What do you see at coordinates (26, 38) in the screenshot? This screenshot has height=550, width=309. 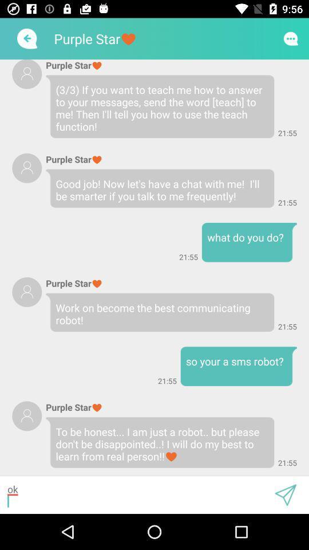 I see `the arrow_backward icon` at bounding box center [26, 38].